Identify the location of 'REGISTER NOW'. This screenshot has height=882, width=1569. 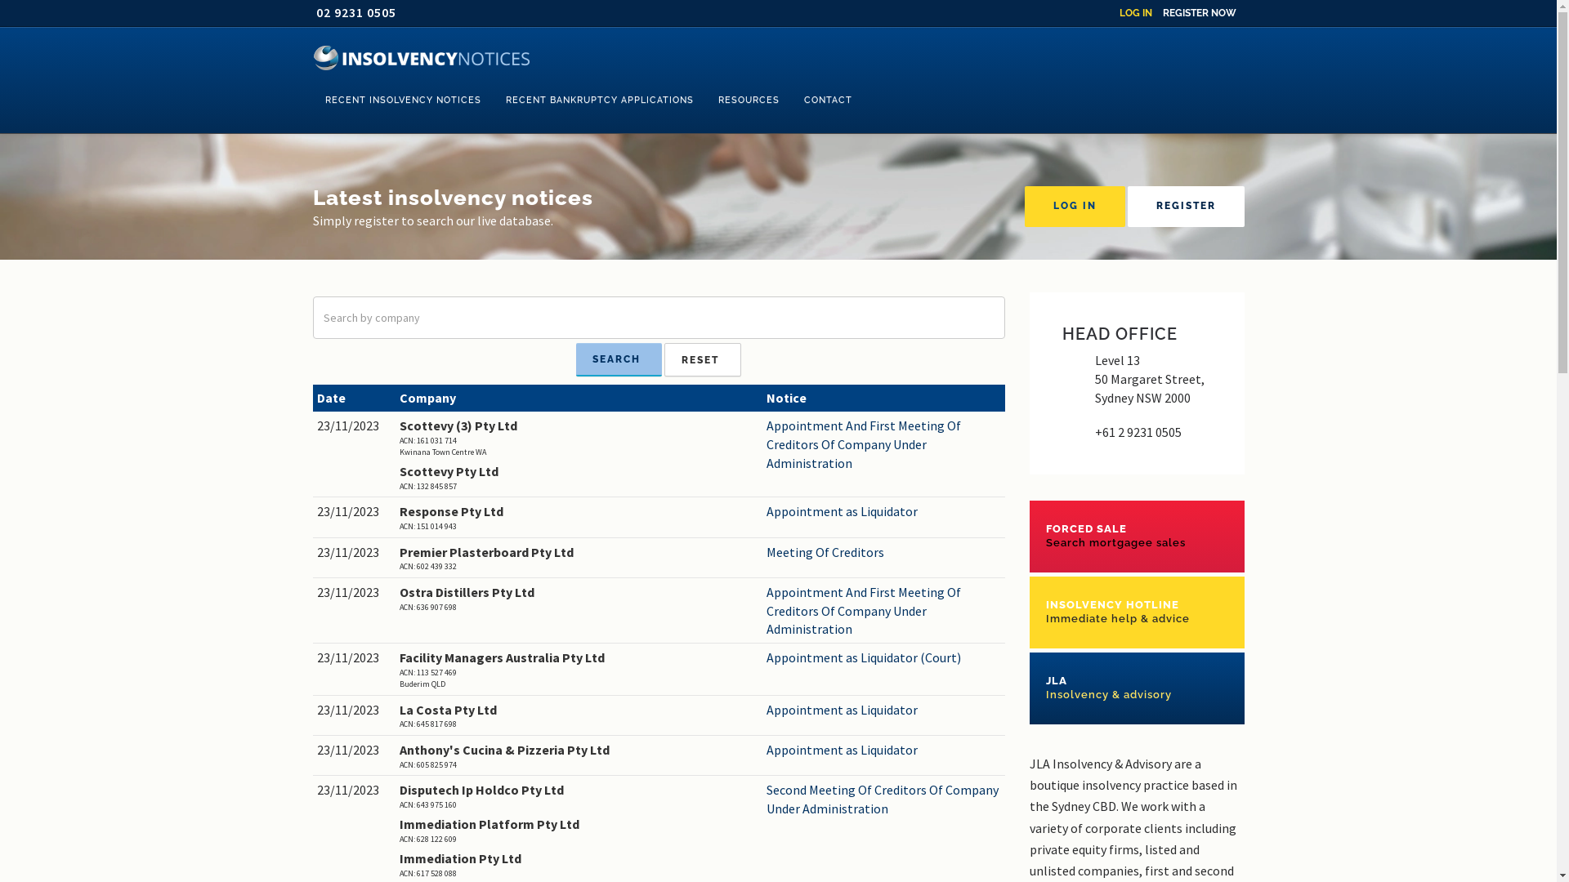
(1160, 12).